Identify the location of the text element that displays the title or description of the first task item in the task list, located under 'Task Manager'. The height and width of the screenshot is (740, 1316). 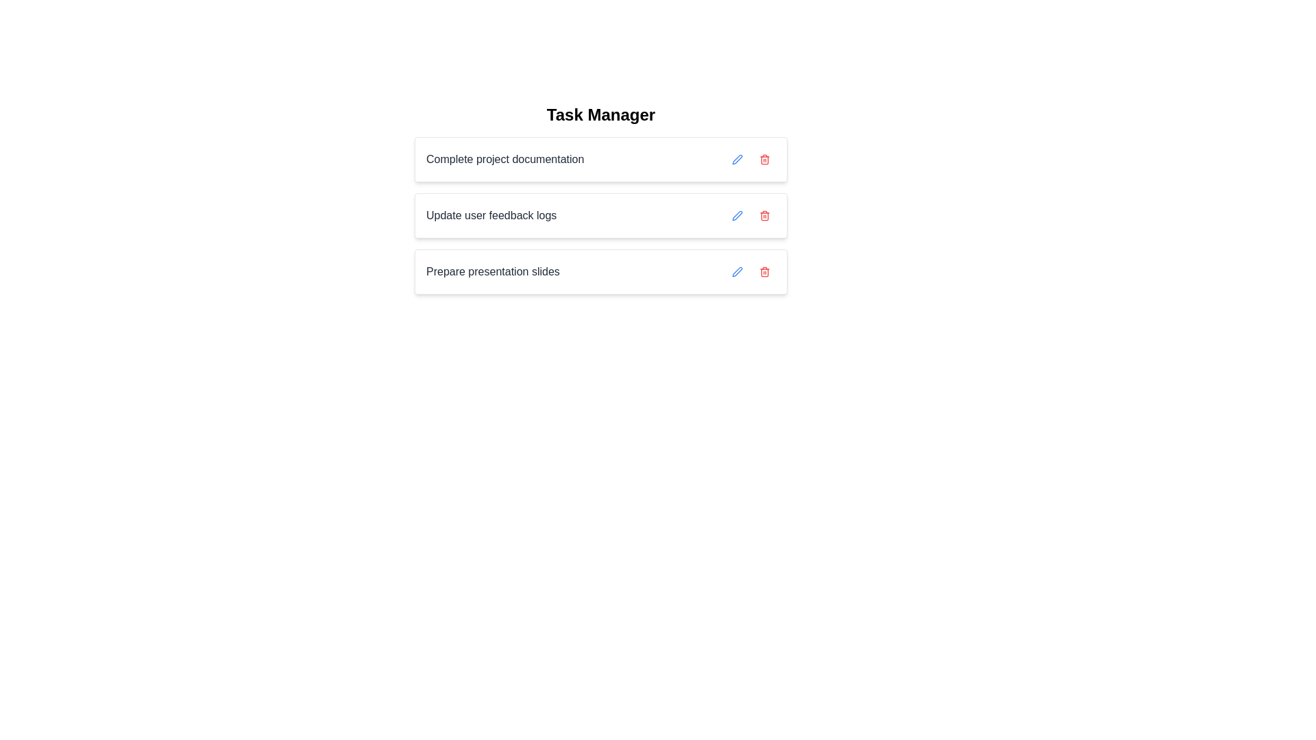
(504, 158).